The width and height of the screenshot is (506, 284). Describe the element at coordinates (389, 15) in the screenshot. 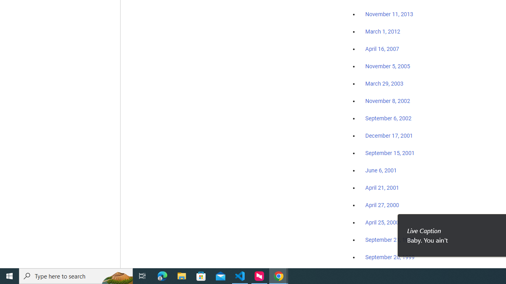

I see `'November 11, 2013'` at that location.